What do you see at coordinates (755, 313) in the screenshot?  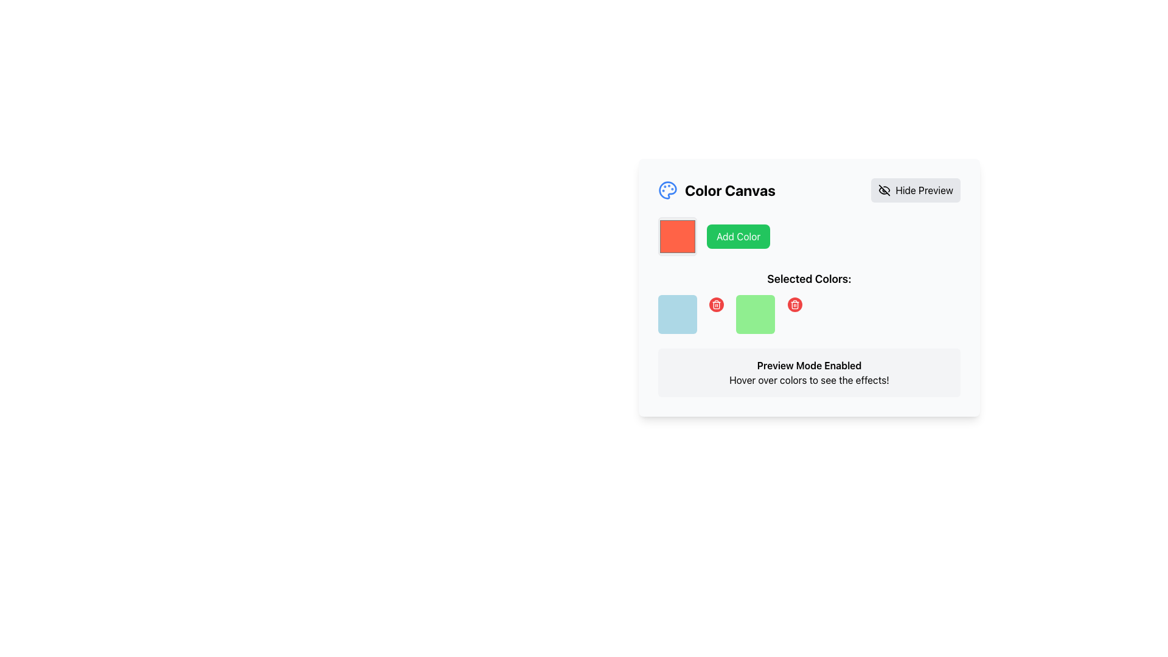 I see `the second square in the 'Selected Colors' section, which represents a selected color and is located to the right of a blue square and above a small red delete icon` at bounding box center [755, 313].